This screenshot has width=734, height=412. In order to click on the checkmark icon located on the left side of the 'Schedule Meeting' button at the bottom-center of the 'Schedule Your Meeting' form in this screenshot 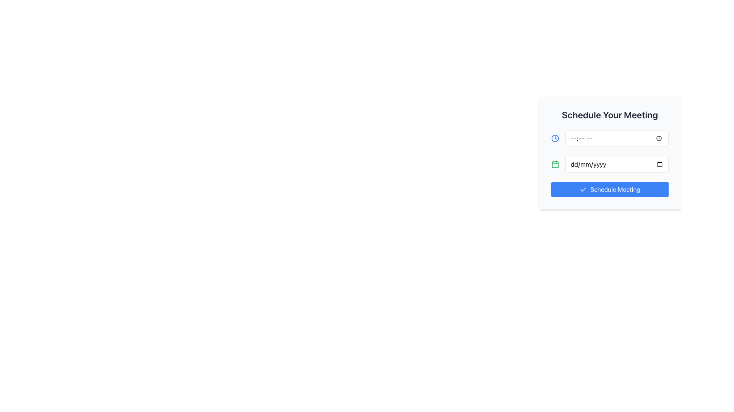, I will do `click(583, 189)`.